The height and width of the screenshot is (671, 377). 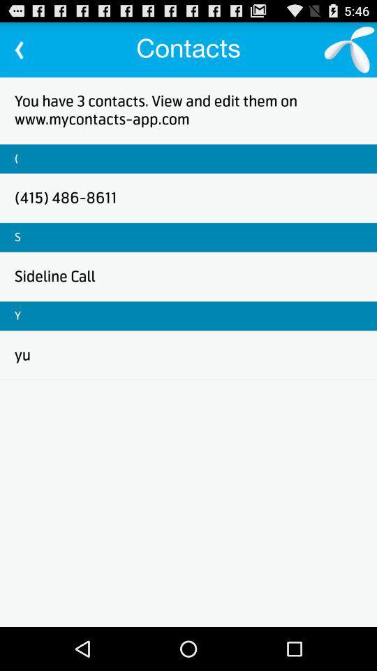 I want to click on ( item, so click(x=15, y=159).